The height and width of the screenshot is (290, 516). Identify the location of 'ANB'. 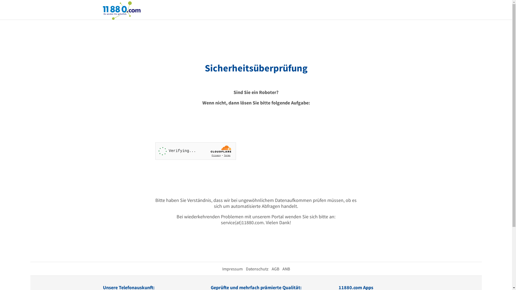
(282, 269).